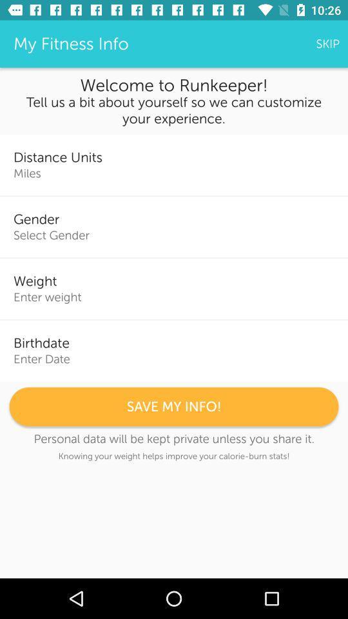 The height and width of the screenshot is (619, 348). Describe the element at coordinates (327, 44) in the screenshot. I see `the text at the right corner of the page shown below 1026` at that location.